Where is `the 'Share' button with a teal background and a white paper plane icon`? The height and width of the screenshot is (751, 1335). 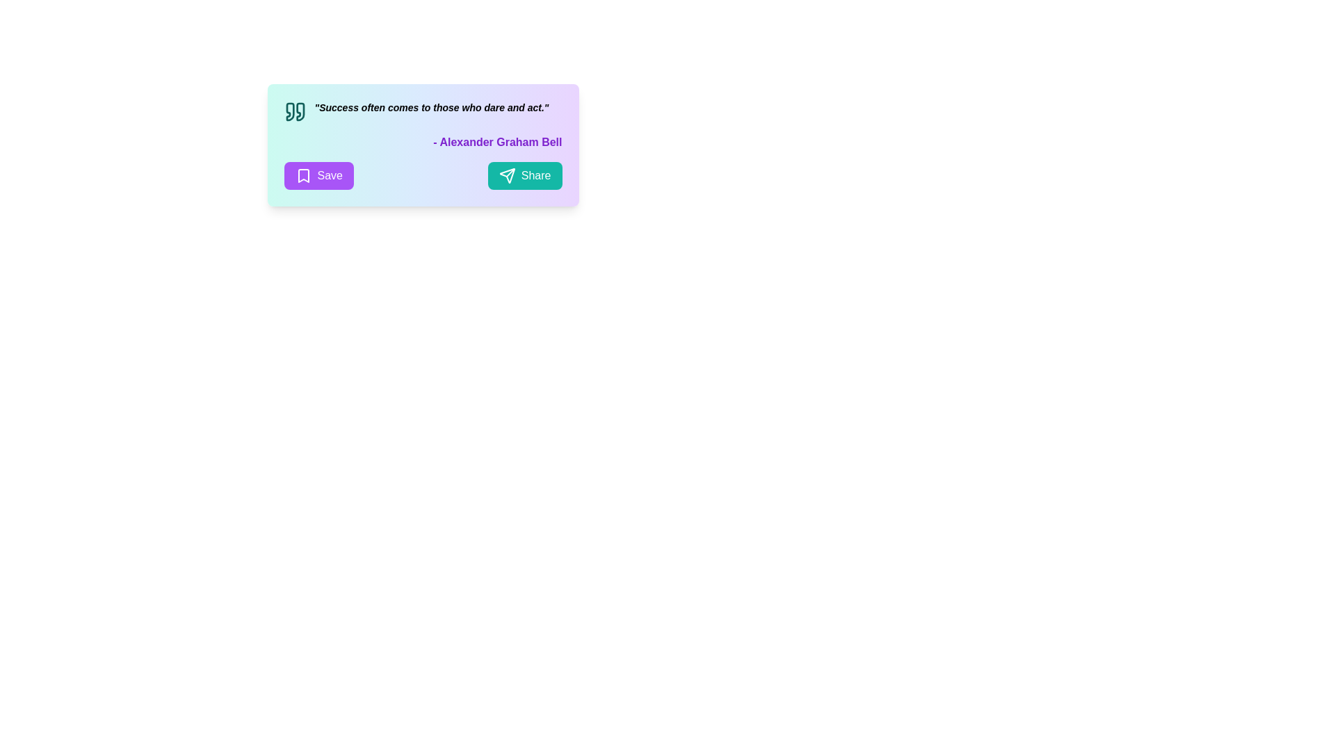 the 'Share' button with a teal background and a white paper plane icon is located at coordinates (524, 175).